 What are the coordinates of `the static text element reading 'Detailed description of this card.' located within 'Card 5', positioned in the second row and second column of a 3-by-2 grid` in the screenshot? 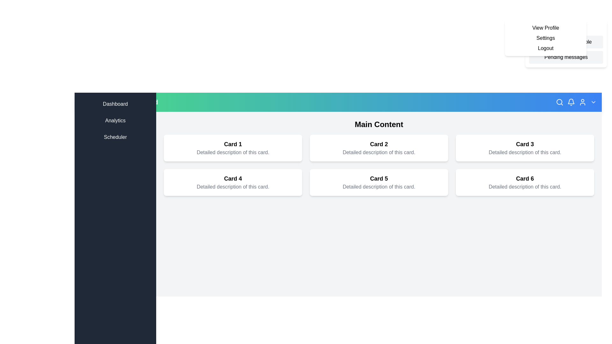 It's located at (379, 186).